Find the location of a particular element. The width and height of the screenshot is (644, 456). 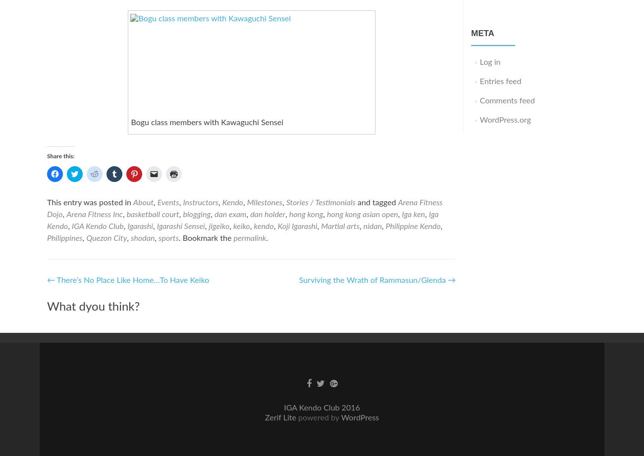

'Stories / Testimonials' is located at coordinates (321, 201).